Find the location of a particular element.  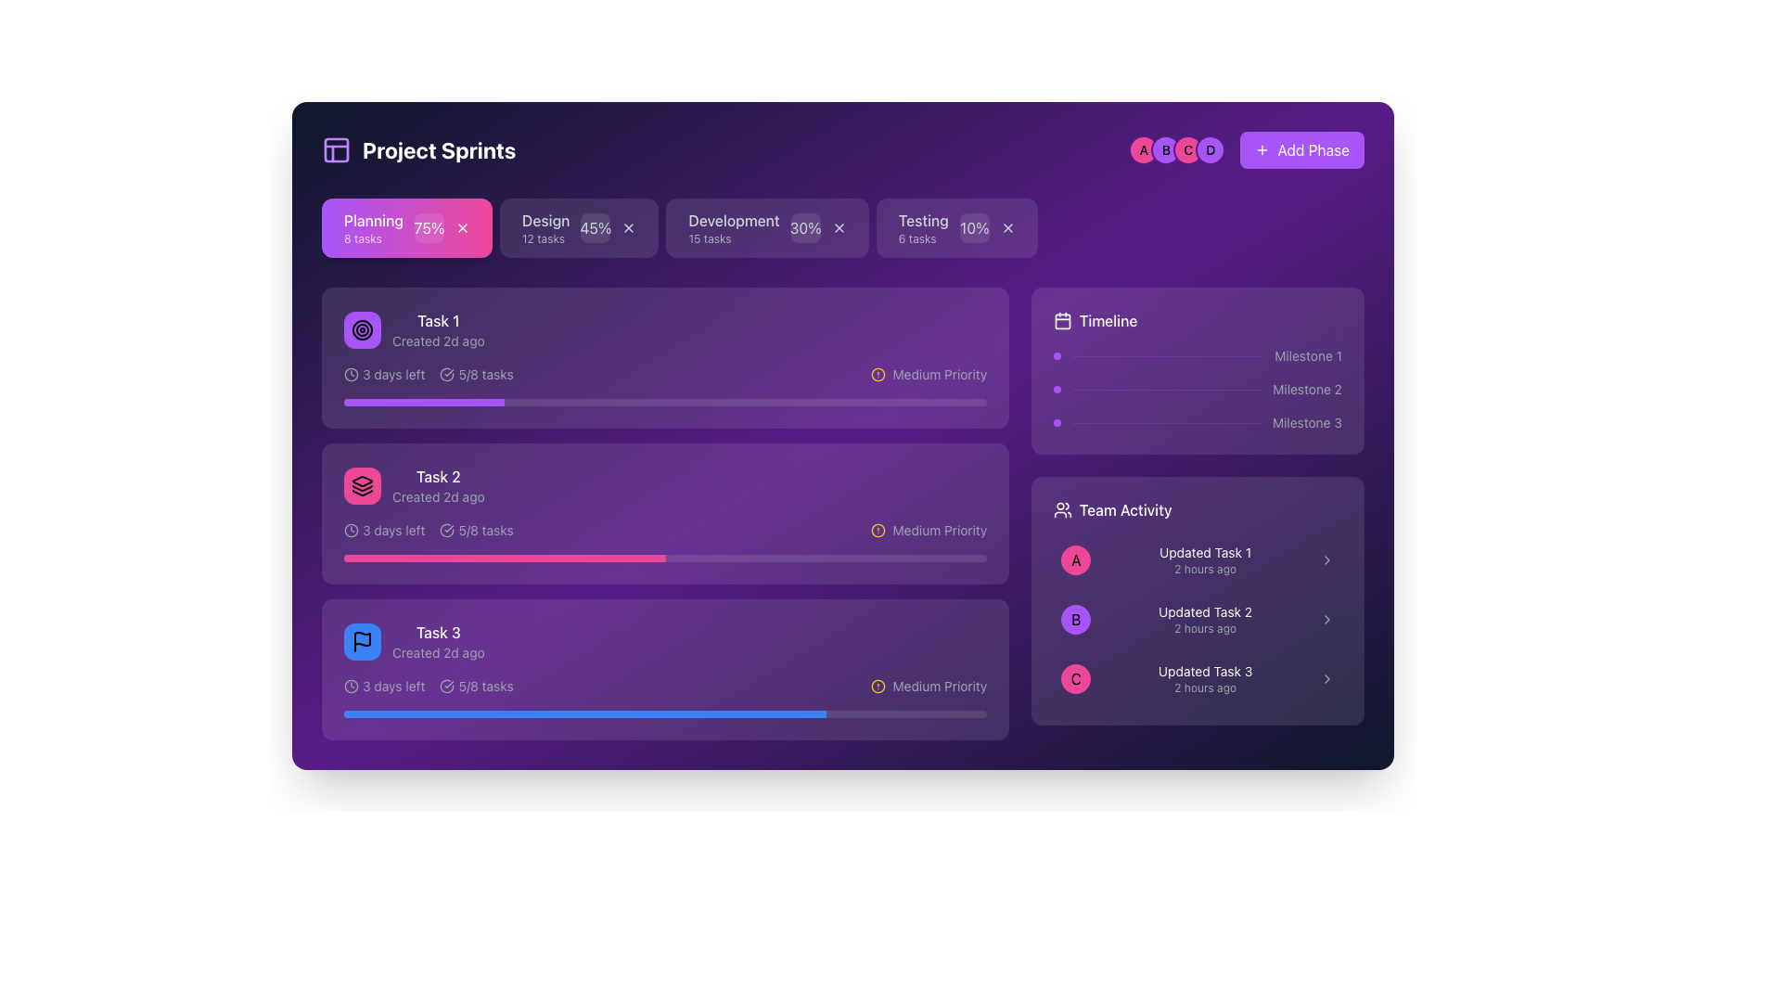

the 'Development' text label is located at coordinates (733, 220).